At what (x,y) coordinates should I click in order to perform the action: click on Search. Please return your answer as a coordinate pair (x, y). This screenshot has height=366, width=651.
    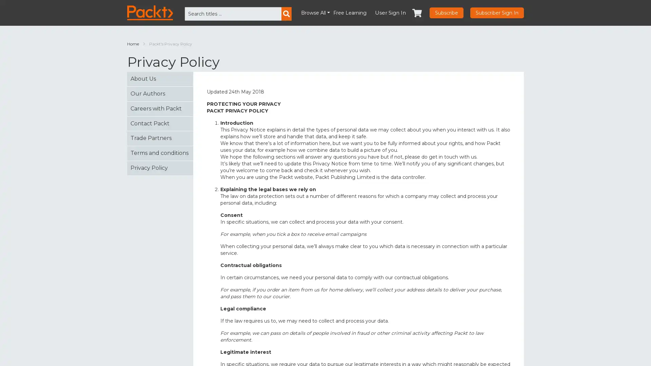
    Looking at the image, I should click on (286, 14).